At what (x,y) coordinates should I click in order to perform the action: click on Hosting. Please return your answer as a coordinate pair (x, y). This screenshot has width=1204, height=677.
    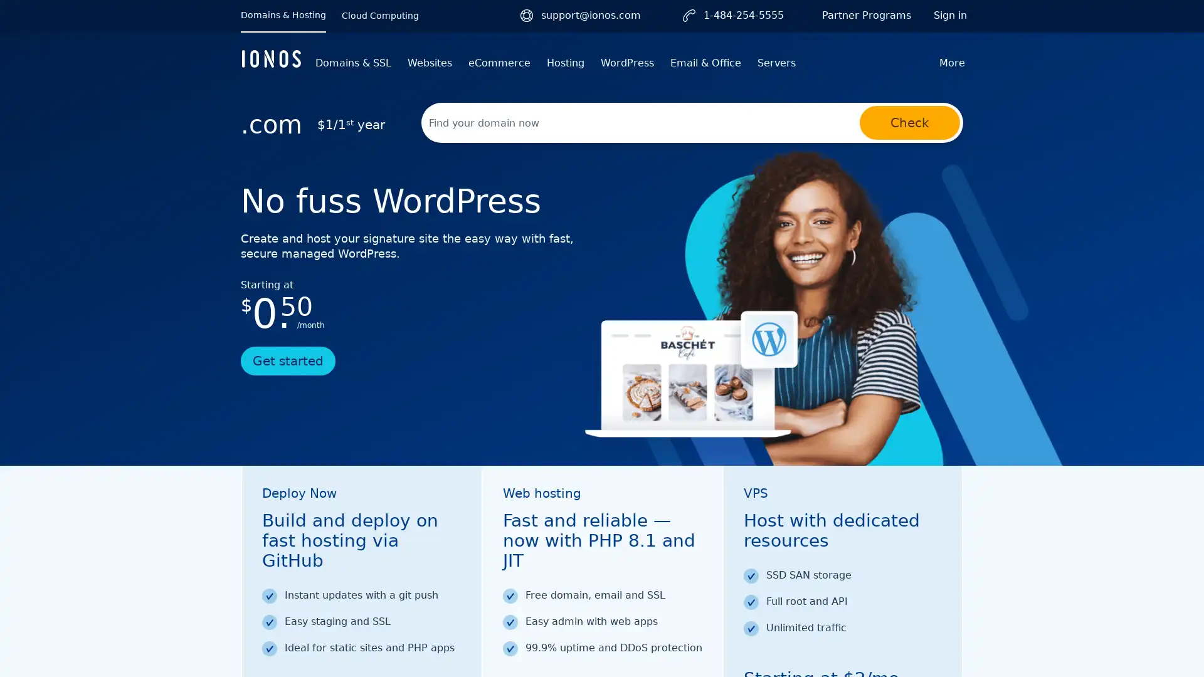
    Looking at the image, I should click on (554, 63).